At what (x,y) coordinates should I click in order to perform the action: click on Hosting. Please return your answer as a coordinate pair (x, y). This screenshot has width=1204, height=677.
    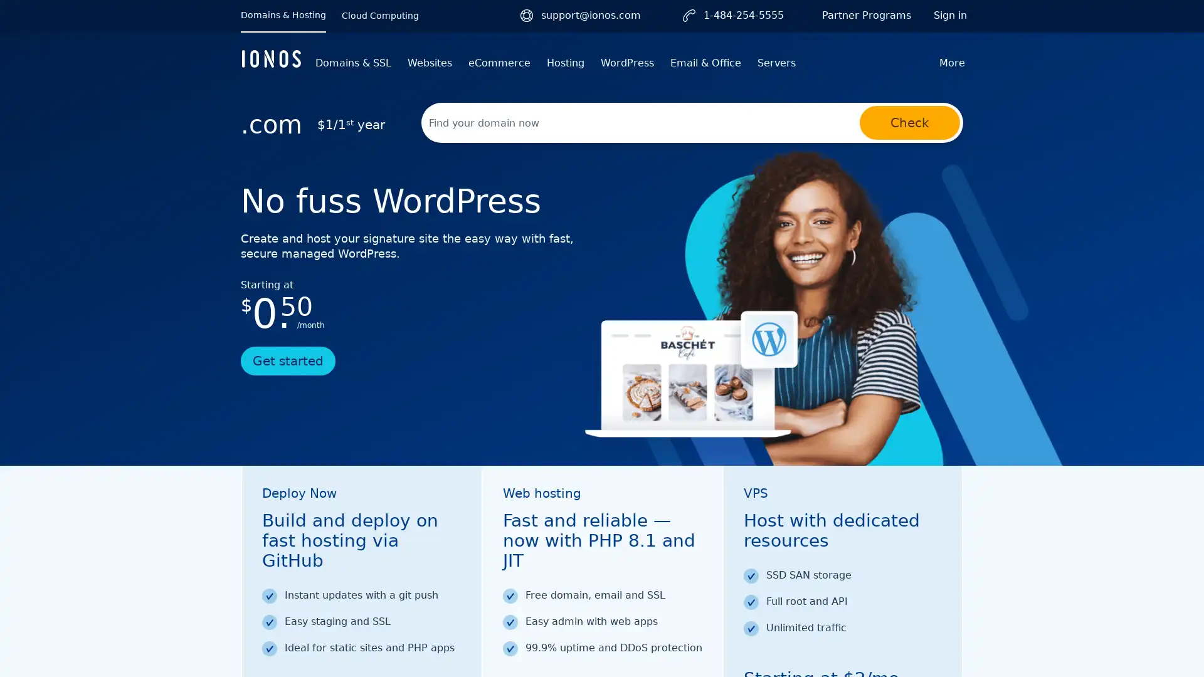
    Looking at the image, I should click on (554, 63).